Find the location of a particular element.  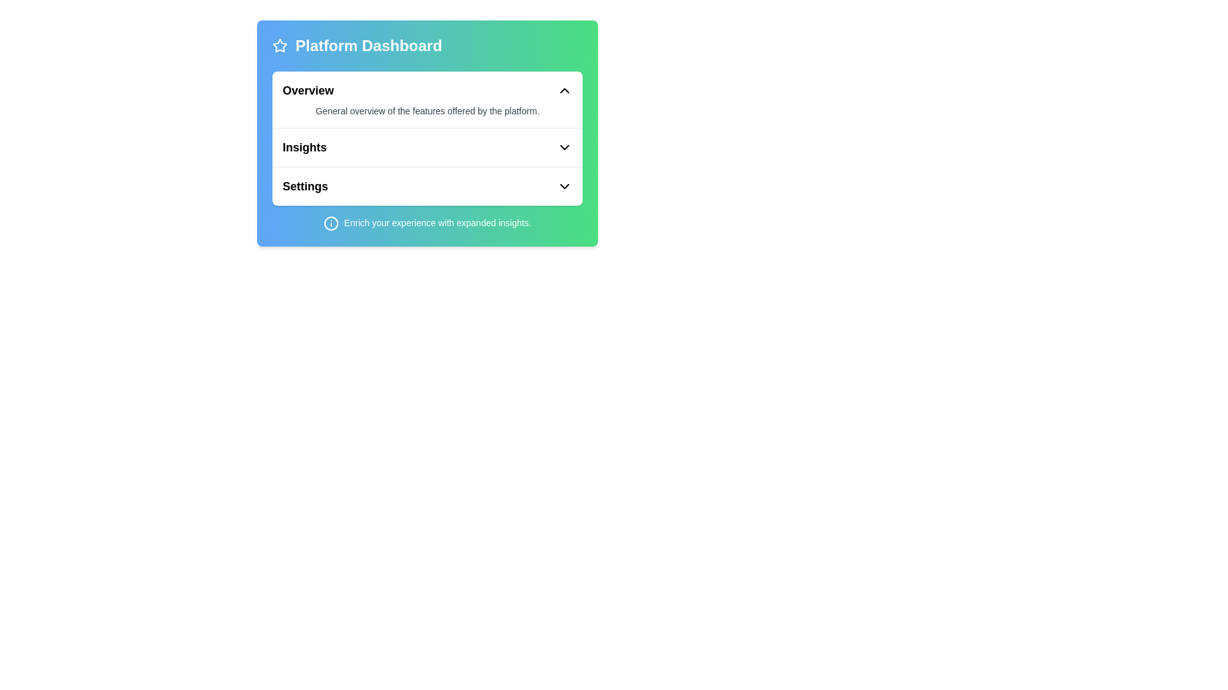

the downward-facing chevron icon next to the 'Insights' label is located at coordinates (564, 147).